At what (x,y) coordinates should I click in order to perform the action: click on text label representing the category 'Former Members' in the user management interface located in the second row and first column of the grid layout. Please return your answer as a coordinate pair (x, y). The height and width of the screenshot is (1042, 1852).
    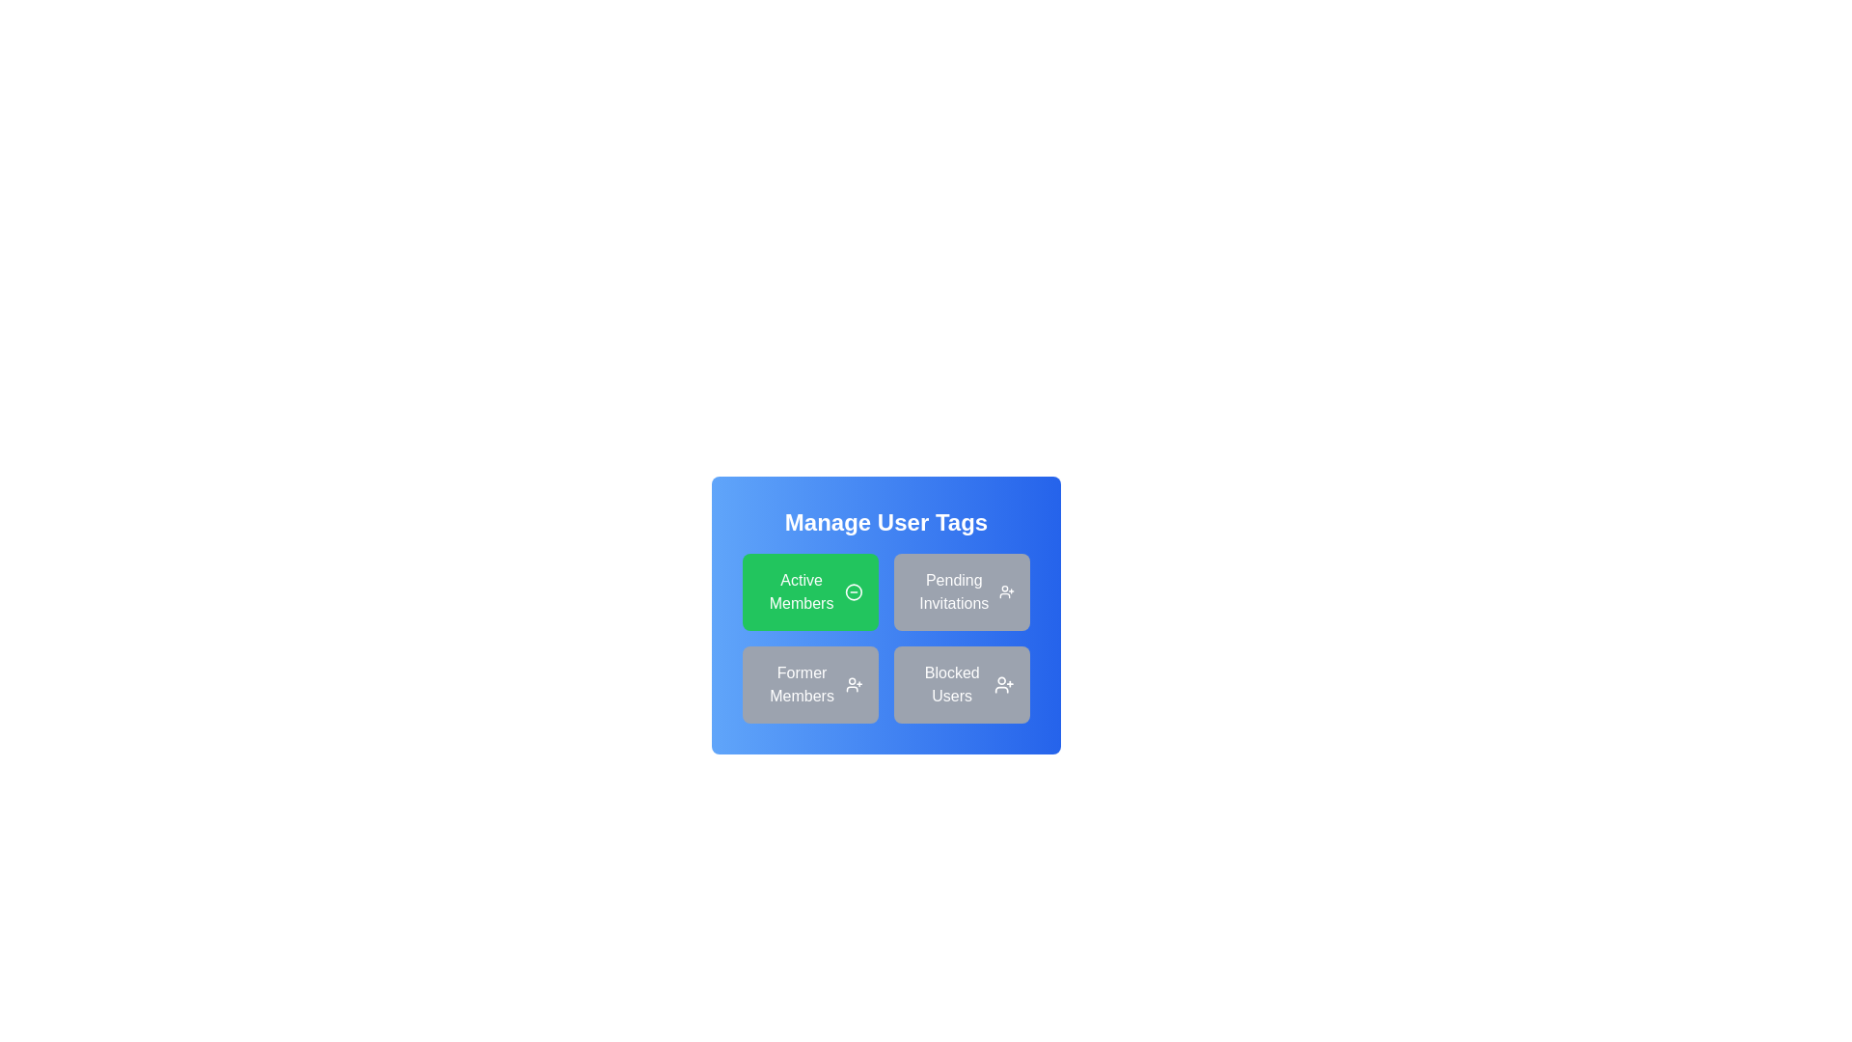
    Looking at the image, I should click on (802, 683).